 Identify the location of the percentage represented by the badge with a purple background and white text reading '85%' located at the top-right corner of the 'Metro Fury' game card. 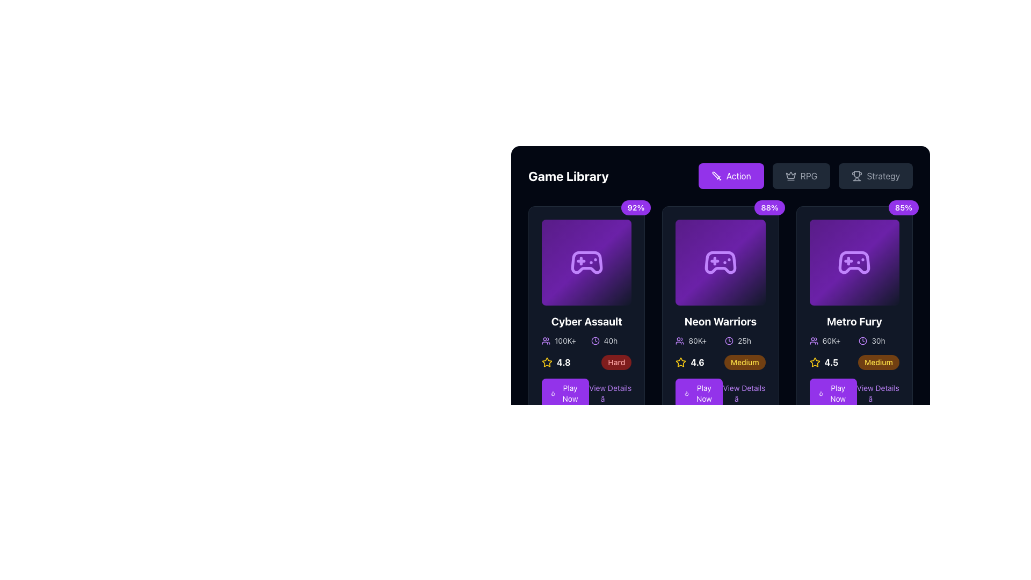
(903, 207).